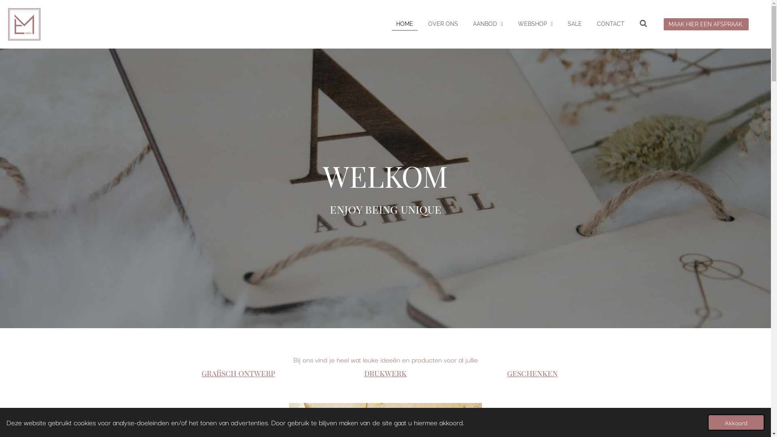 Image resolution: width=777 pixels, height=437 pixels. Describe the element at coordinates (736, 422) in the screenshot. I see `'Akkoord'` at that location.